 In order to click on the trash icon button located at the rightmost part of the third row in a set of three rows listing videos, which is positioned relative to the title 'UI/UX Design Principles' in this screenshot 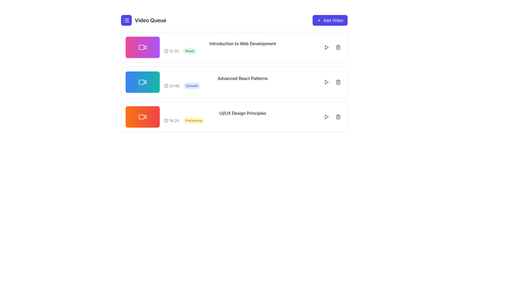, I will do `click(338, 116)`.